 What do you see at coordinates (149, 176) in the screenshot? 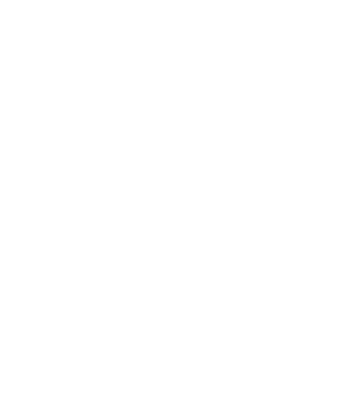
I see `'Audiomovers Binaural Renderer for Apple Music Plug-In Debuts'` at bounding box center [149, 176].